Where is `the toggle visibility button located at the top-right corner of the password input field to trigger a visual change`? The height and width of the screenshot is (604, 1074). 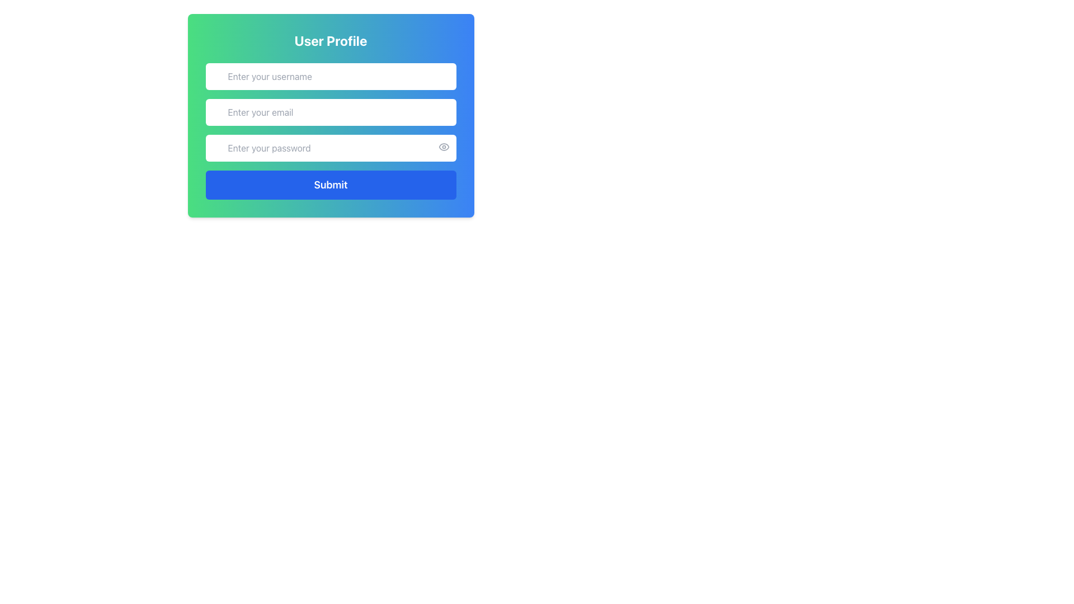 the toggle visibility button located at the top-right corner of the password input field to trigger a visual change is located at coordinates (443, 146).